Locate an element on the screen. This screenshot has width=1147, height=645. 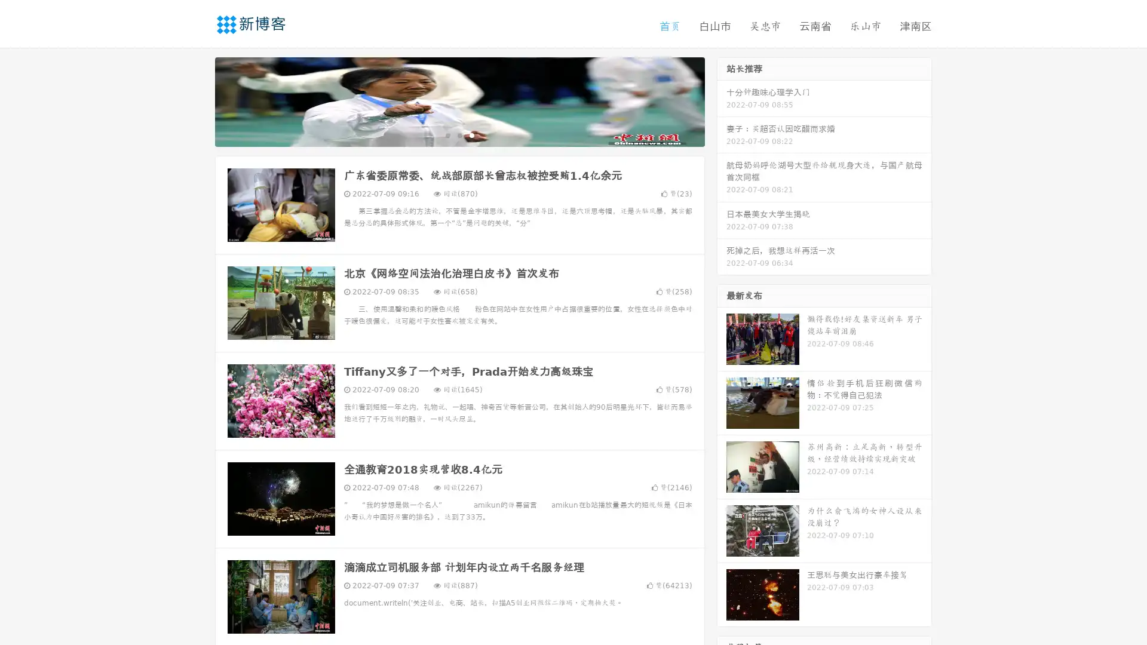
Next slide is located at coordinates (722, 100).